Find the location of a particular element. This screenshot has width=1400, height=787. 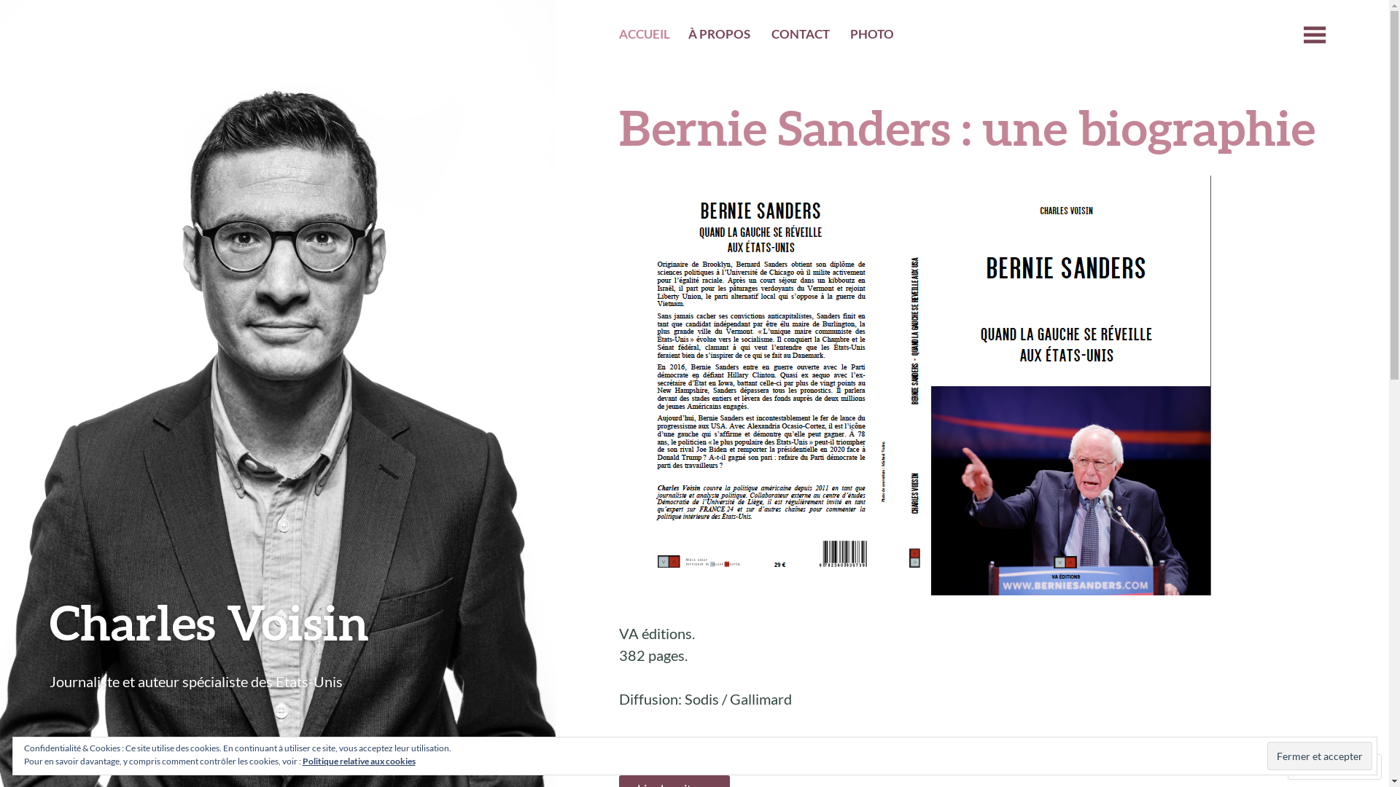

'CONTACT' is located at coordinates (800, 36).